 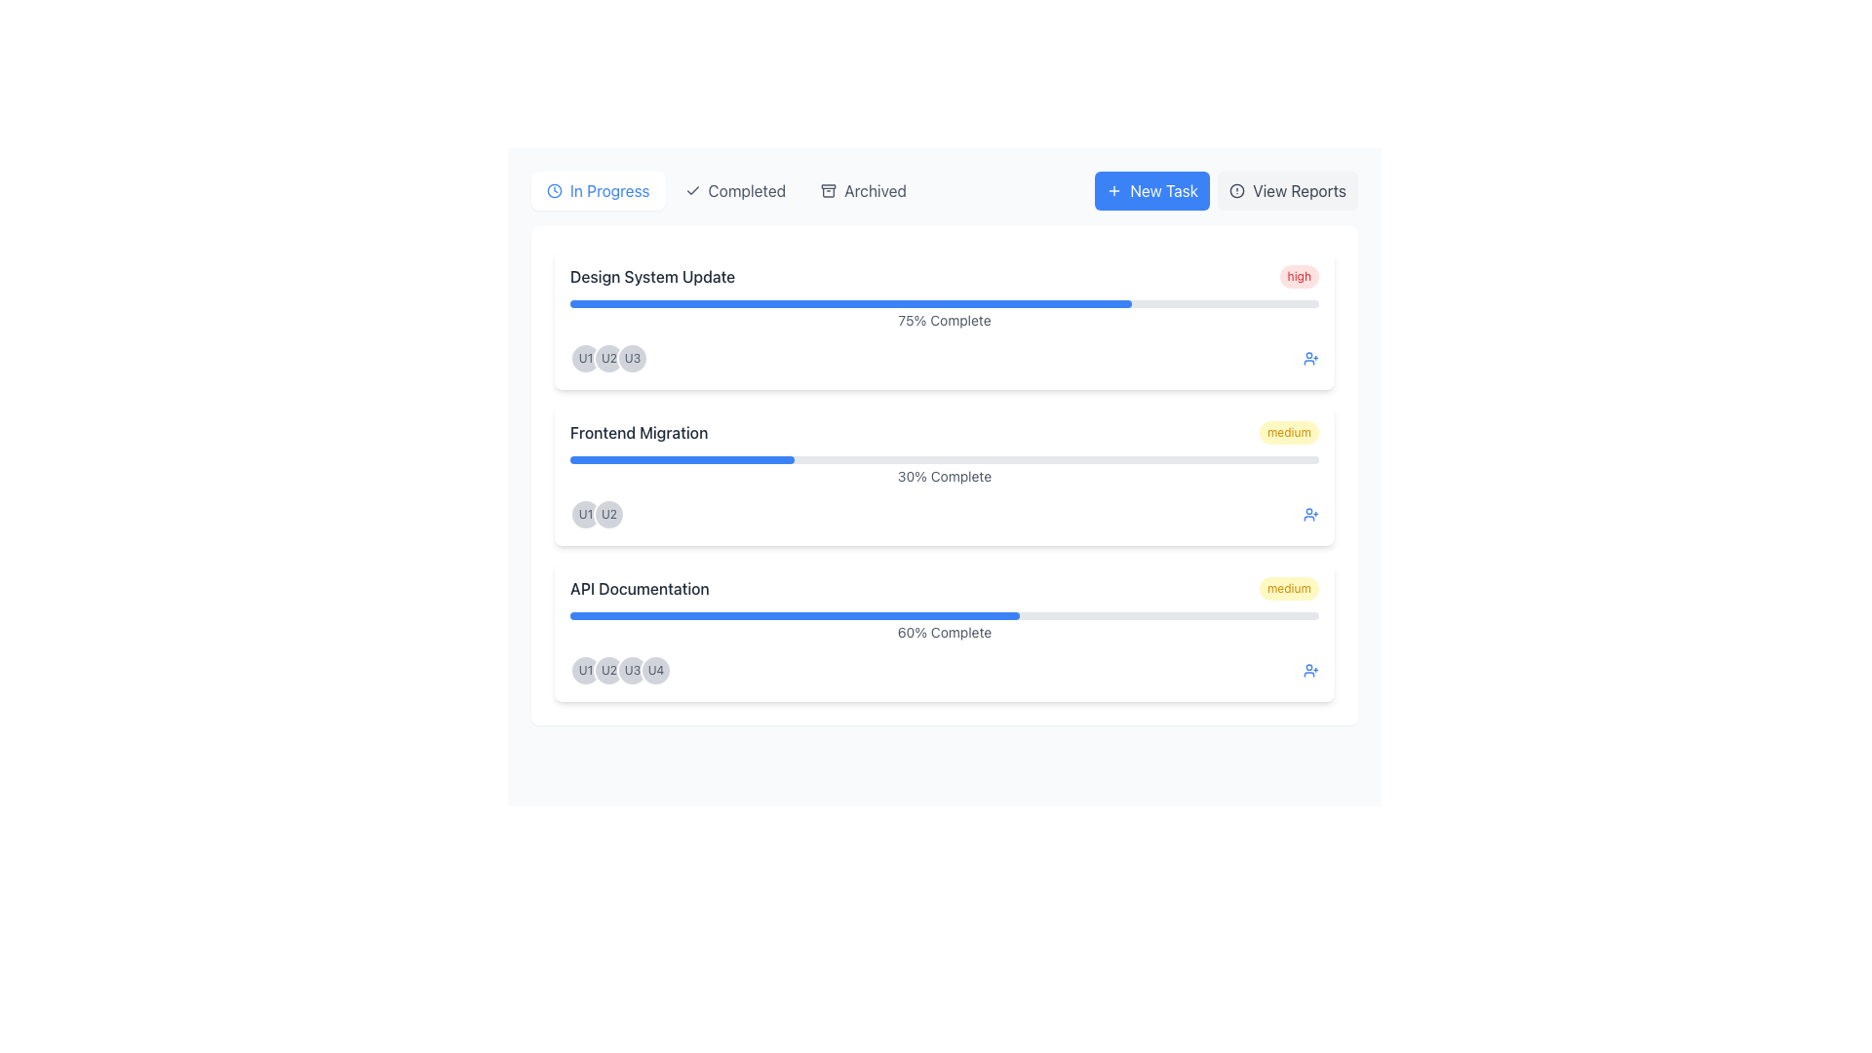 What do you see at coordinates (584, 514) in the screenshot?
I see `the first circular badge labeled 'U1' with a light gray background and white border located at the bottom of the 'Frontend Migration' card to interact with it` at bounding box center [584, 514].